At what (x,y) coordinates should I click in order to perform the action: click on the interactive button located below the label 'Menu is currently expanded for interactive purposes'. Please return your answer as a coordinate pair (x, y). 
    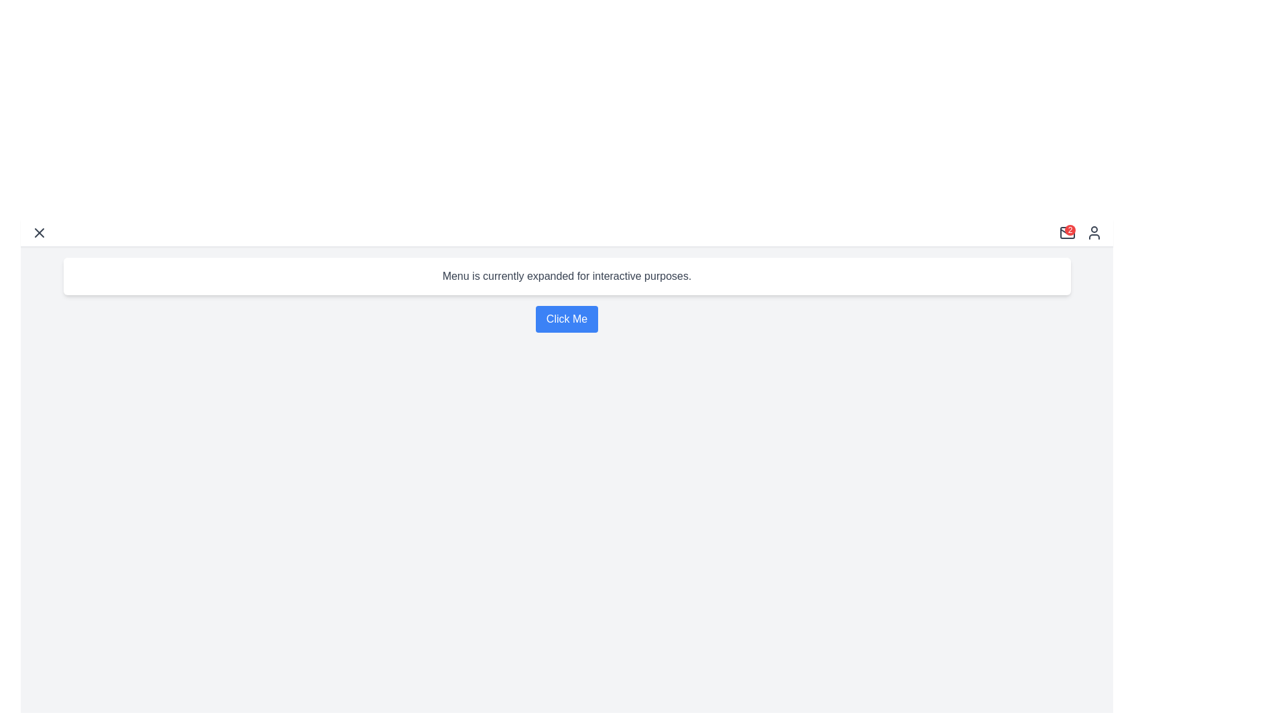
    Looking at the image, I should click on (567, 319).